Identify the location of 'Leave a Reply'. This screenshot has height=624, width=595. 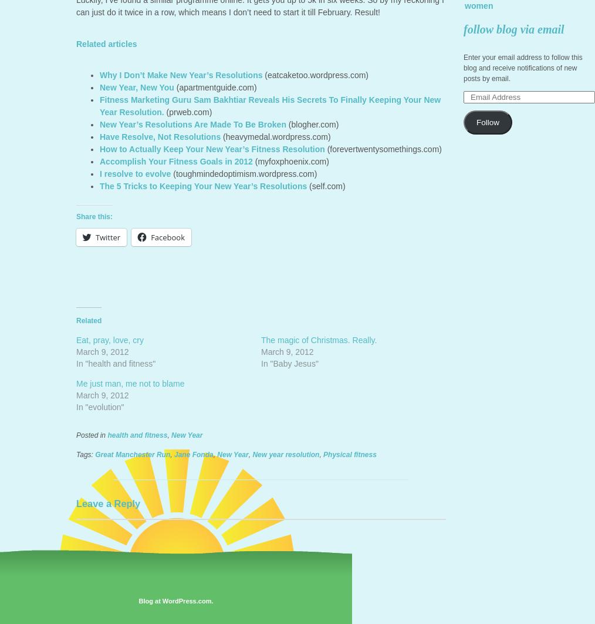
(76, 502).